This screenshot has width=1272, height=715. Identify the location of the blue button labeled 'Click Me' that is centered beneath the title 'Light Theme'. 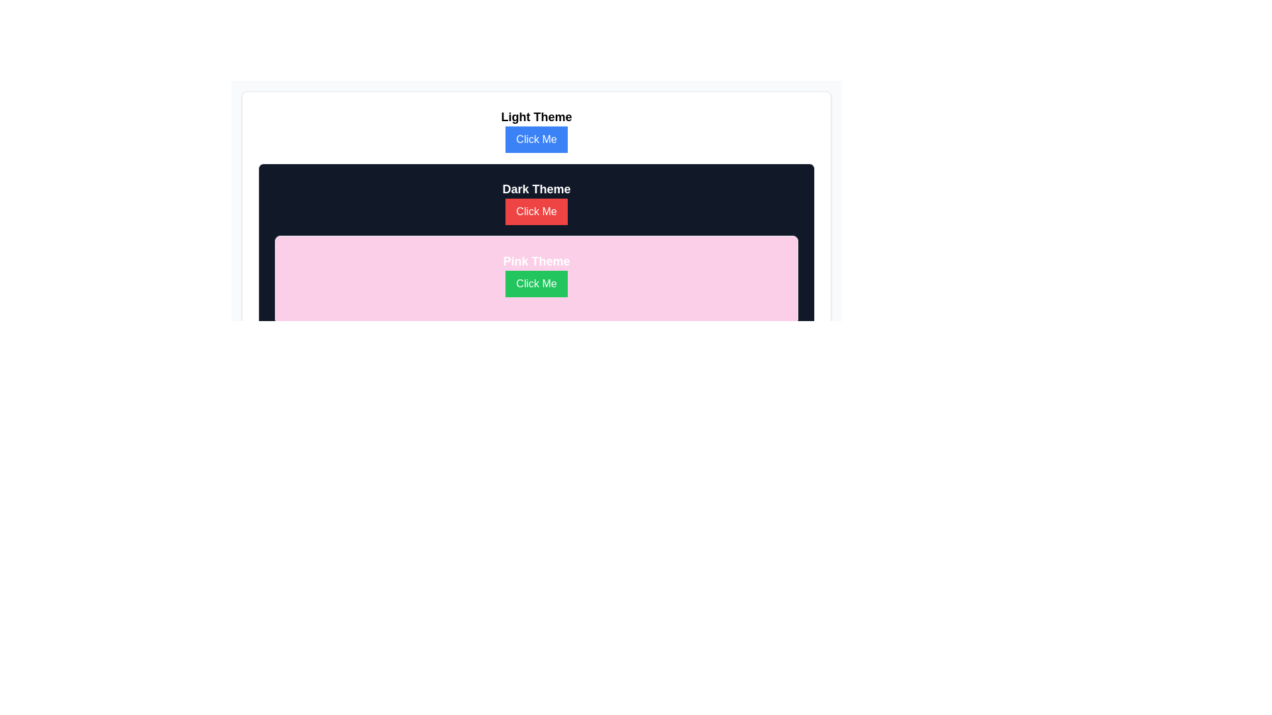
(537, 140).